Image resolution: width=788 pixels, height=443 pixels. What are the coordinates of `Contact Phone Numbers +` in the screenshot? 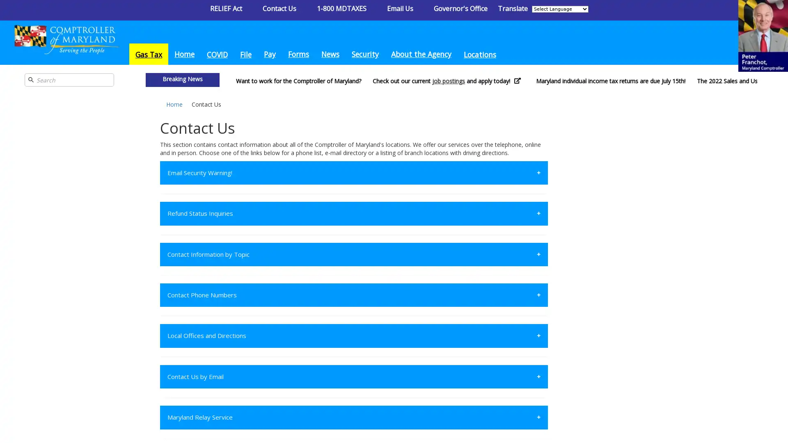 It's located at (354, 295).